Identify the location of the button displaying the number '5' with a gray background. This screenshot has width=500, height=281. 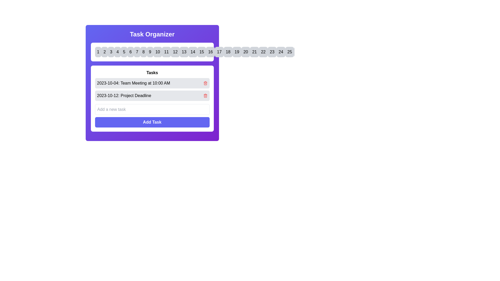
(124, 52).